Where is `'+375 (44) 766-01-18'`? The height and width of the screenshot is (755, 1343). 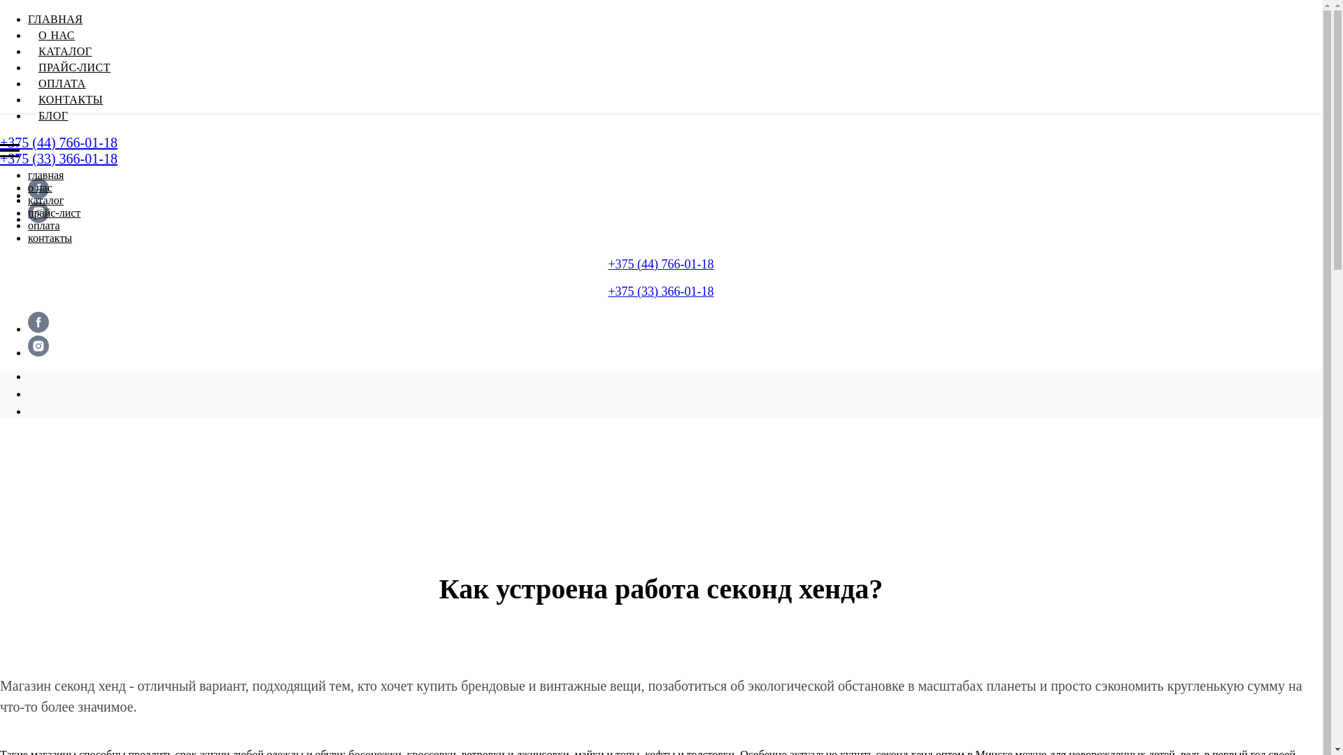
'+375 (44) 766-01-18' is located at coordinates (660, 264).